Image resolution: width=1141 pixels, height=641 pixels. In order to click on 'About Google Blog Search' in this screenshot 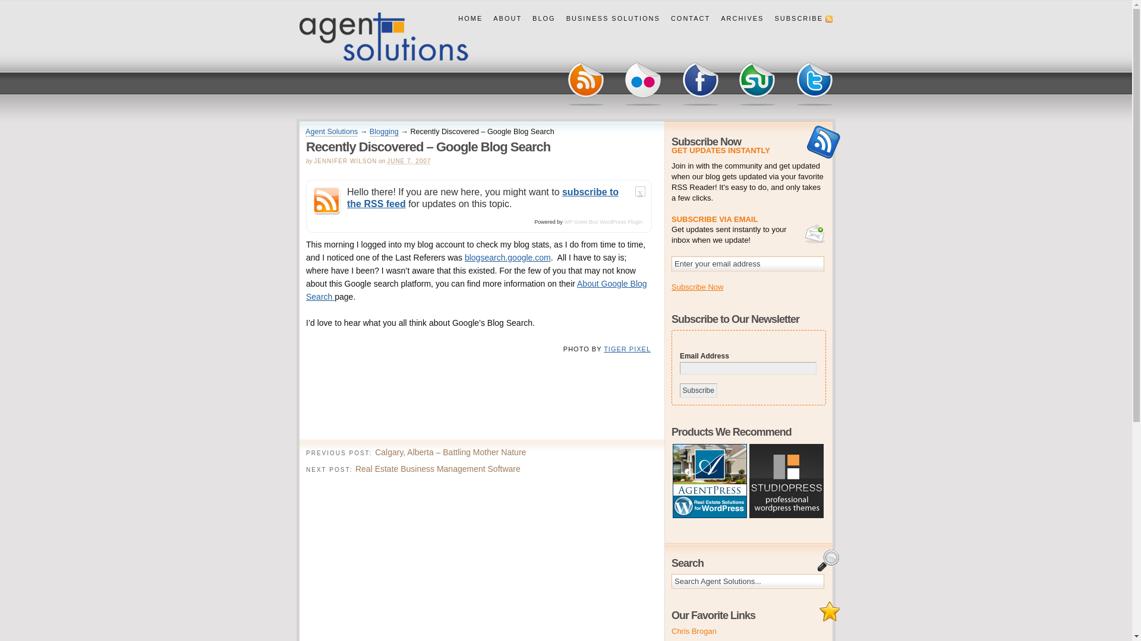, I will do `click(476, 290)`.